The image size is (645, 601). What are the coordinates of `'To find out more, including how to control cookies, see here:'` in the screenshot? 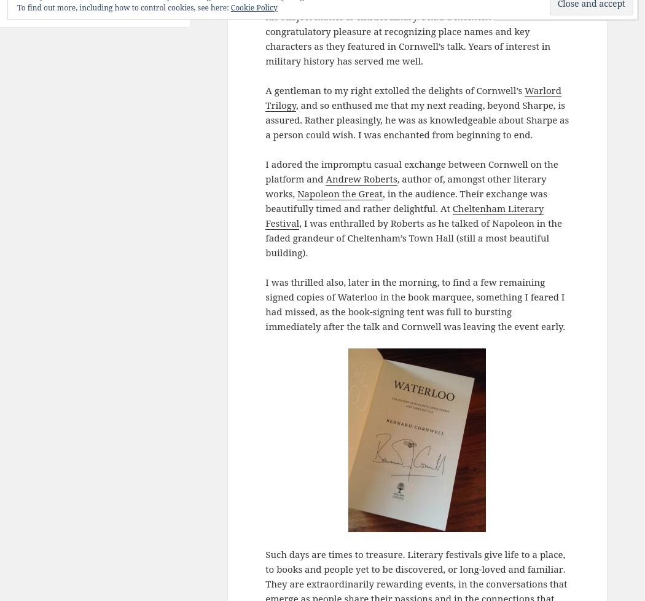 It's located at (123, 7).